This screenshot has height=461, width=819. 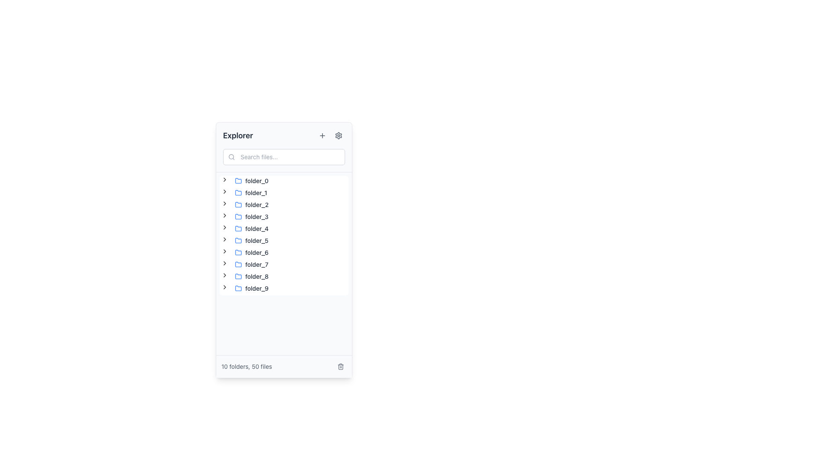 What do you see at coordinates (225, 251) in the screenshot?
I see `the right-facing chevron arrow icon located to the left of the folder labeled 'folder_6'` at bounding box center [225, 251].